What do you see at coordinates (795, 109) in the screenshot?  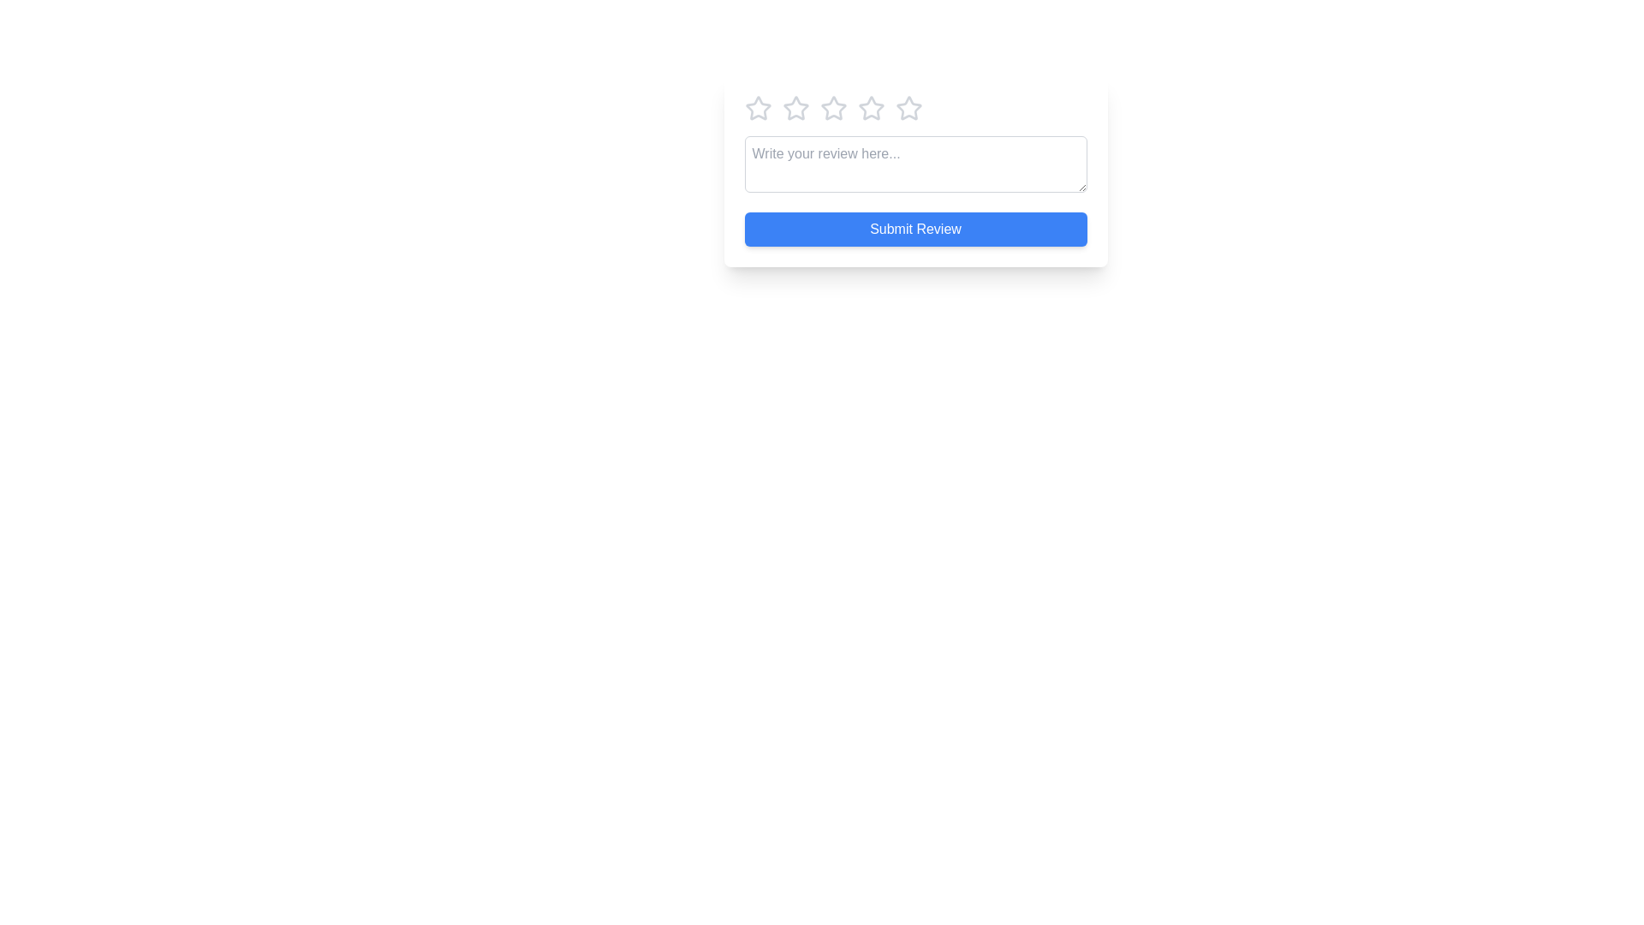 I see `the second star icon in the rating system` at bounding box center [795, 109].